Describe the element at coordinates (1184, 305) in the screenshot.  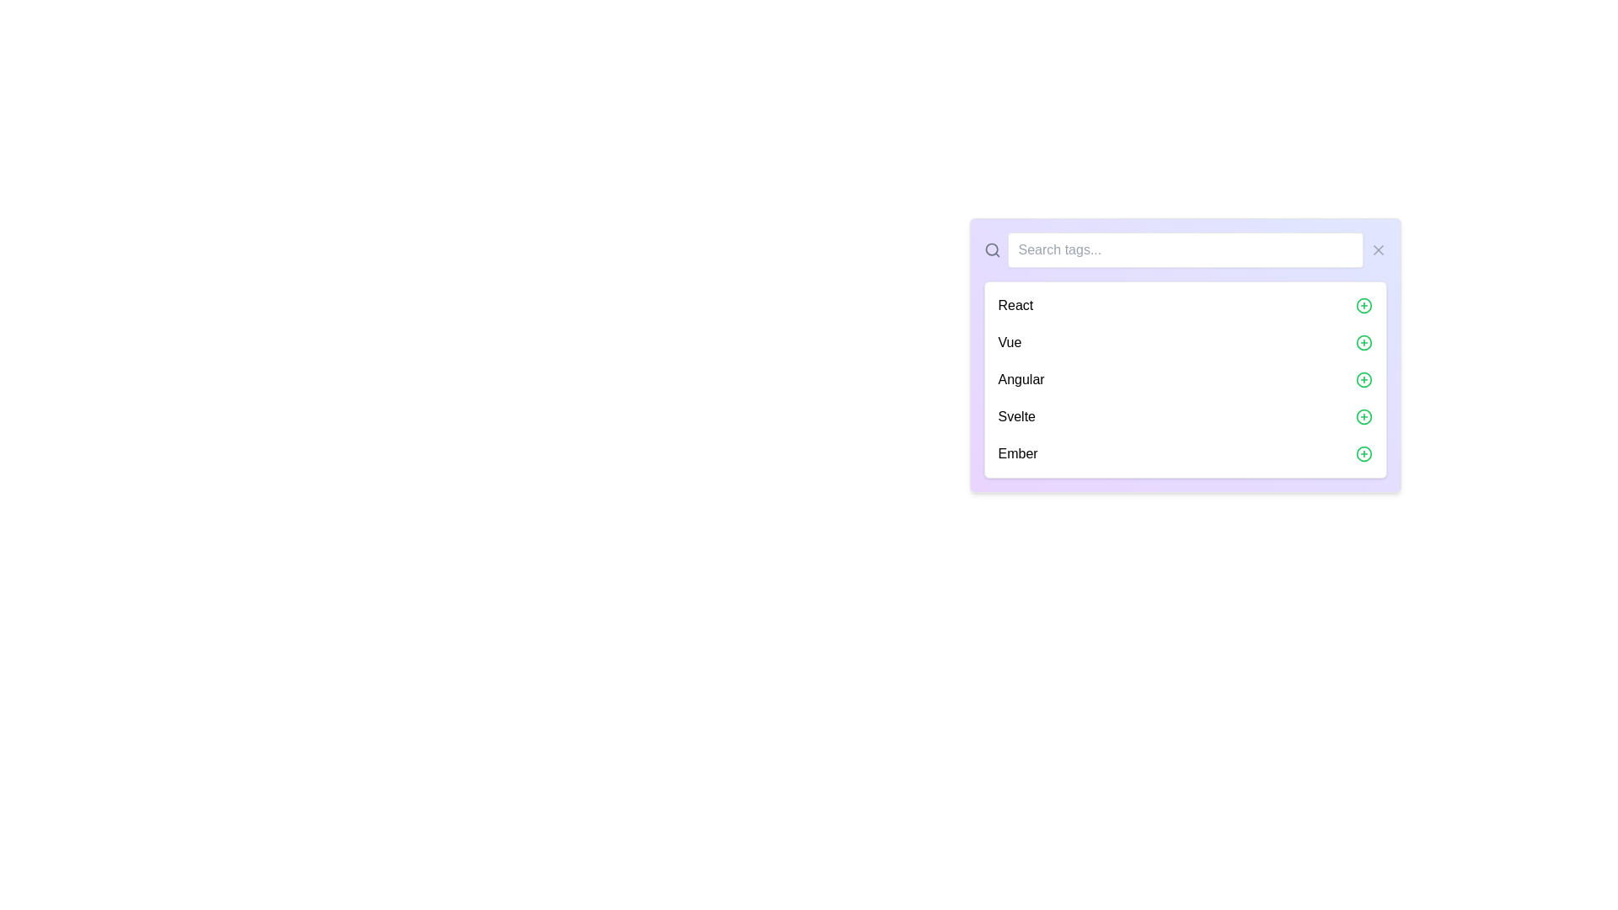
I see `the first item in the dropdown menu labeled 'React'` at that location.